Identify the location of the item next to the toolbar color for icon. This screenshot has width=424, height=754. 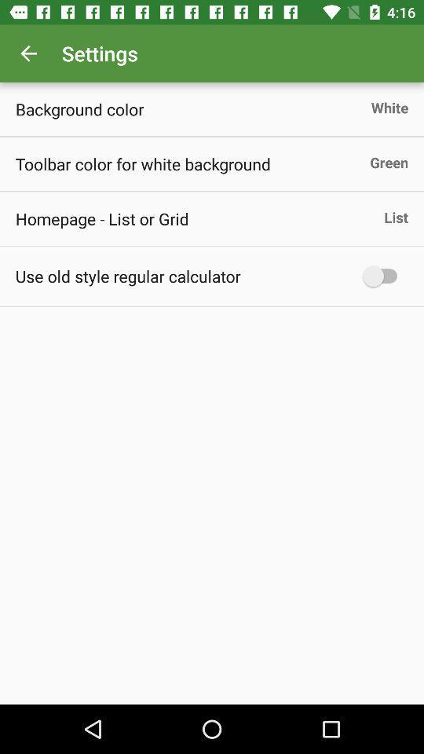
(388, 162).